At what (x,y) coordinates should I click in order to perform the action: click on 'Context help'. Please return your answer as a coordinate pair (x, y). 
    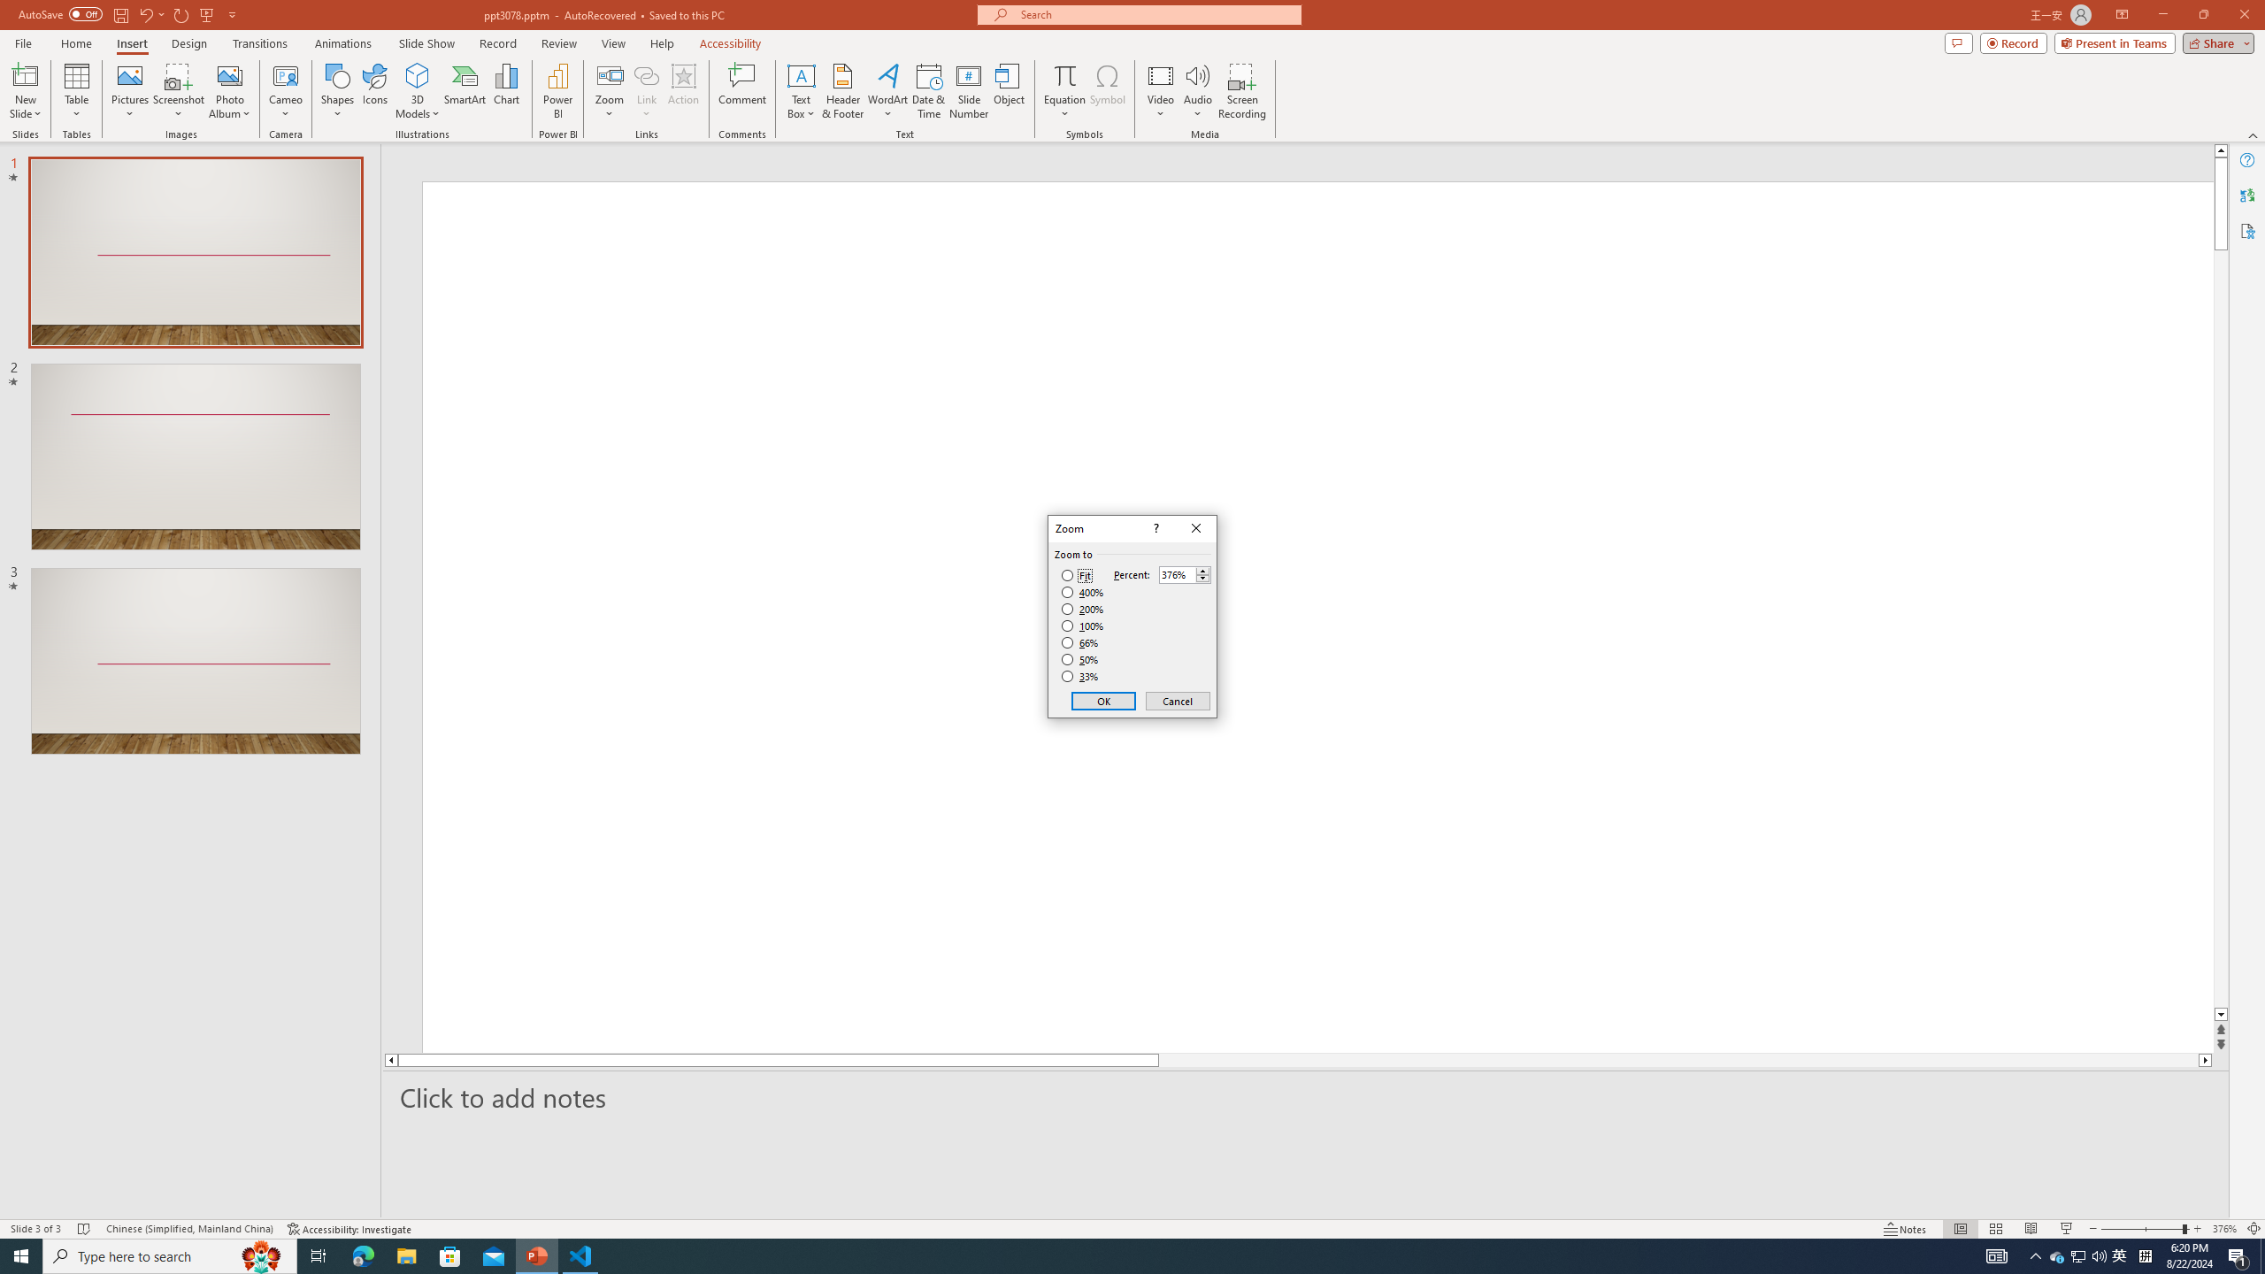
    Looking at the image, I should click on (1154, 528).